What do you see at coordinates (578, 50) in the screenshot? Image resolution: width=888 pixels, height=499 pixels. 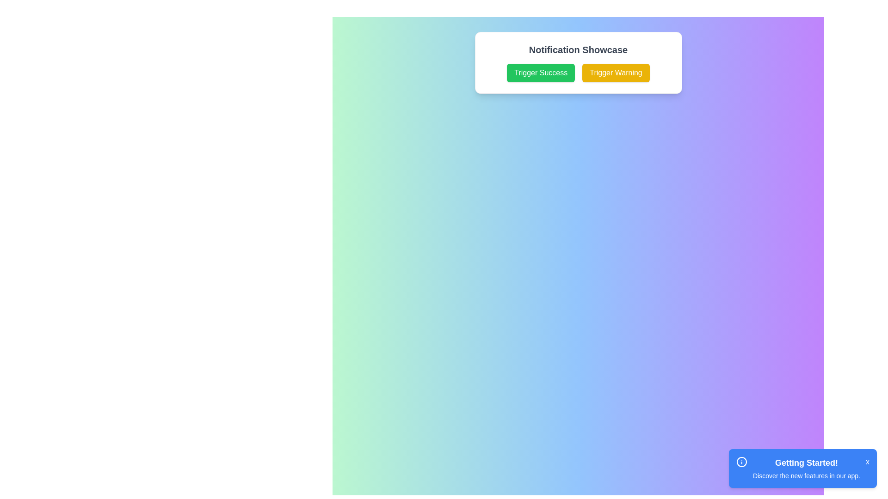 I see `the text label element with the content 'Notification Showcase', which is styled with bold and large font size and is centered above two buttons` at bounding box center [578, 50].